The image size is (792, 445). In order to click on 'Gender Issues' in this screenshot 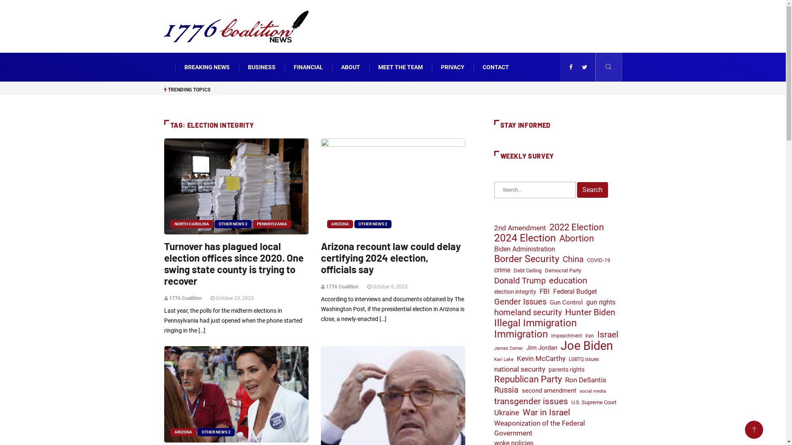, I will do `click(520, 302)`.